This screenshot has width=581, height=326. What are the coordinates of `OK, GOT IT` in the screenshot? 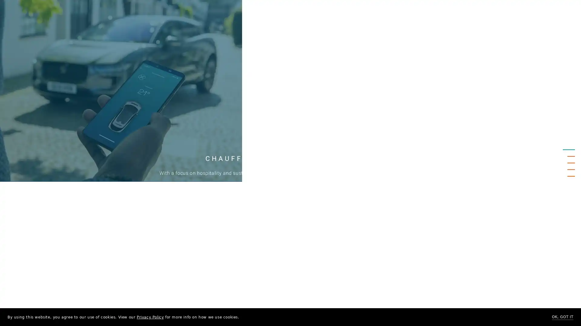 It's located at (562, 317).